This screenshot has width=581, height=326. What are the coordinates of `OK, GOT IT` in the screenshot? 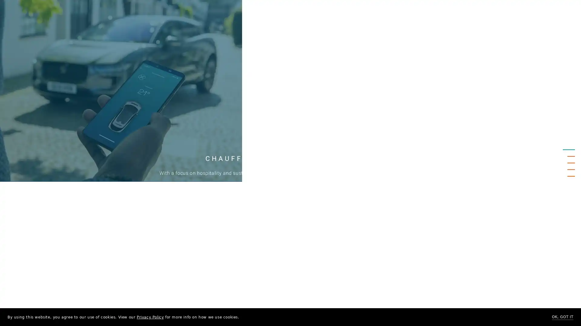 It's located at (562, 317).